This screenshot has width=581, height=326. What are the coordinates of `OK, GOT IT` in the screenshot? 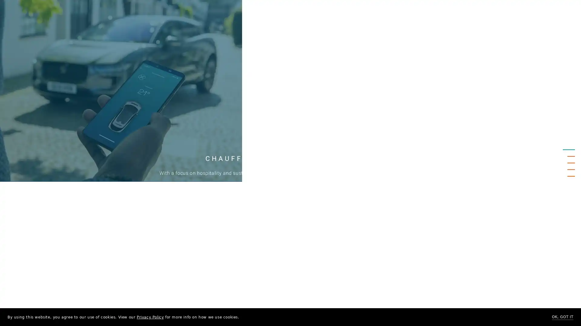 It's located at (562, 317).